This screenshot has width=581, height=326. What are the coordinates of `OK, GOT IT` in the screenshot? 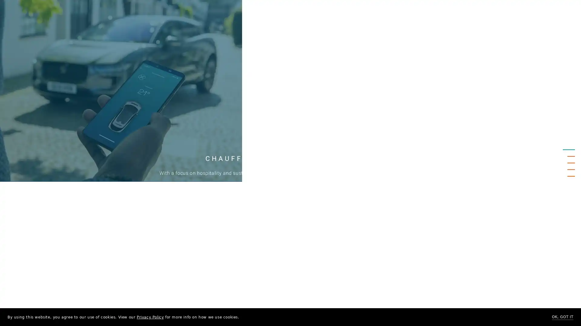 It's located at (562, 317).